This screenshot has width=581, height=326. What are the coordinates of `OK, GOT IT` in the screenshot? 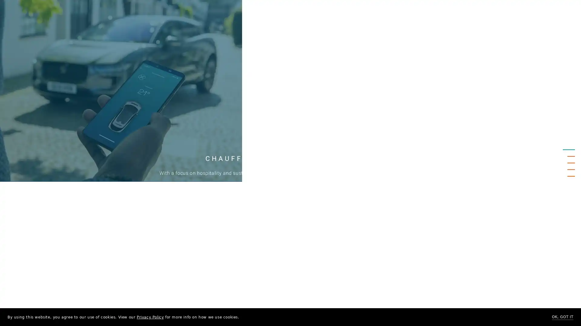 It's located at (562, 317).